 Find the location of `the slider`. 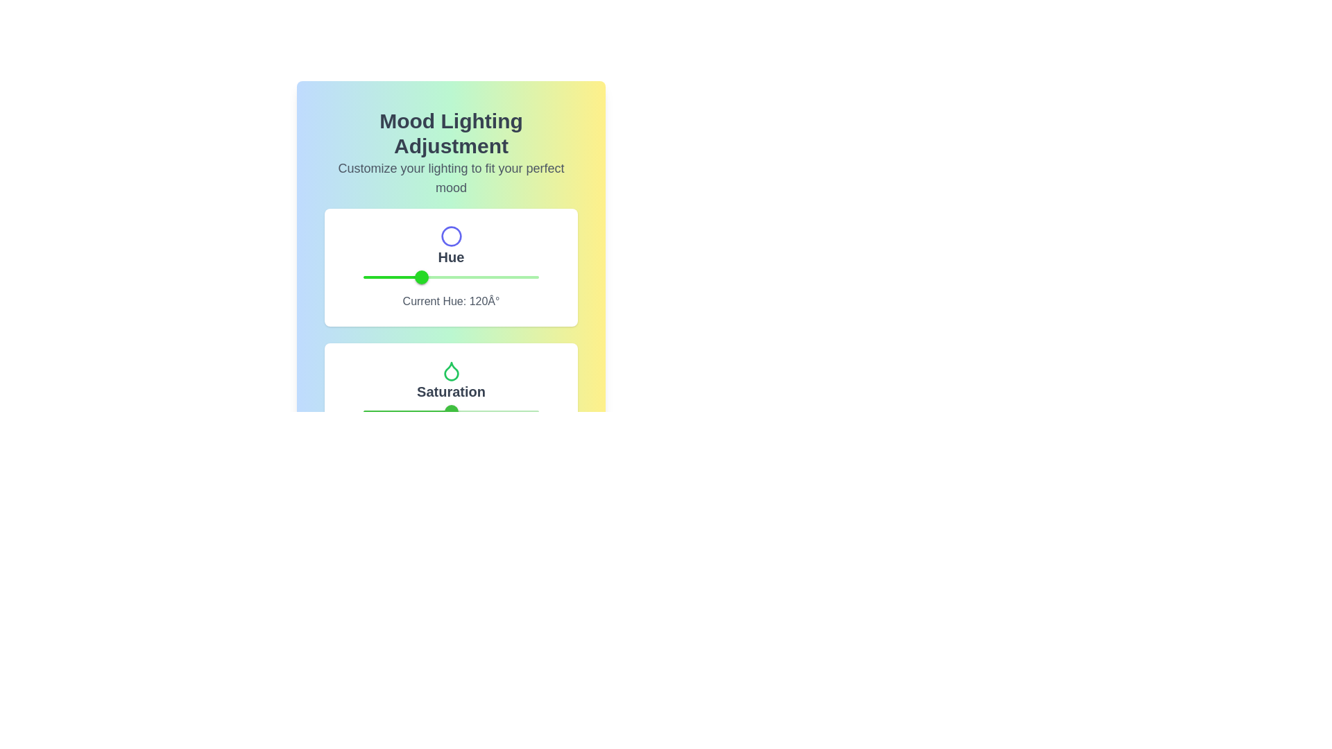

the slider is located at coordinates (368, 411).